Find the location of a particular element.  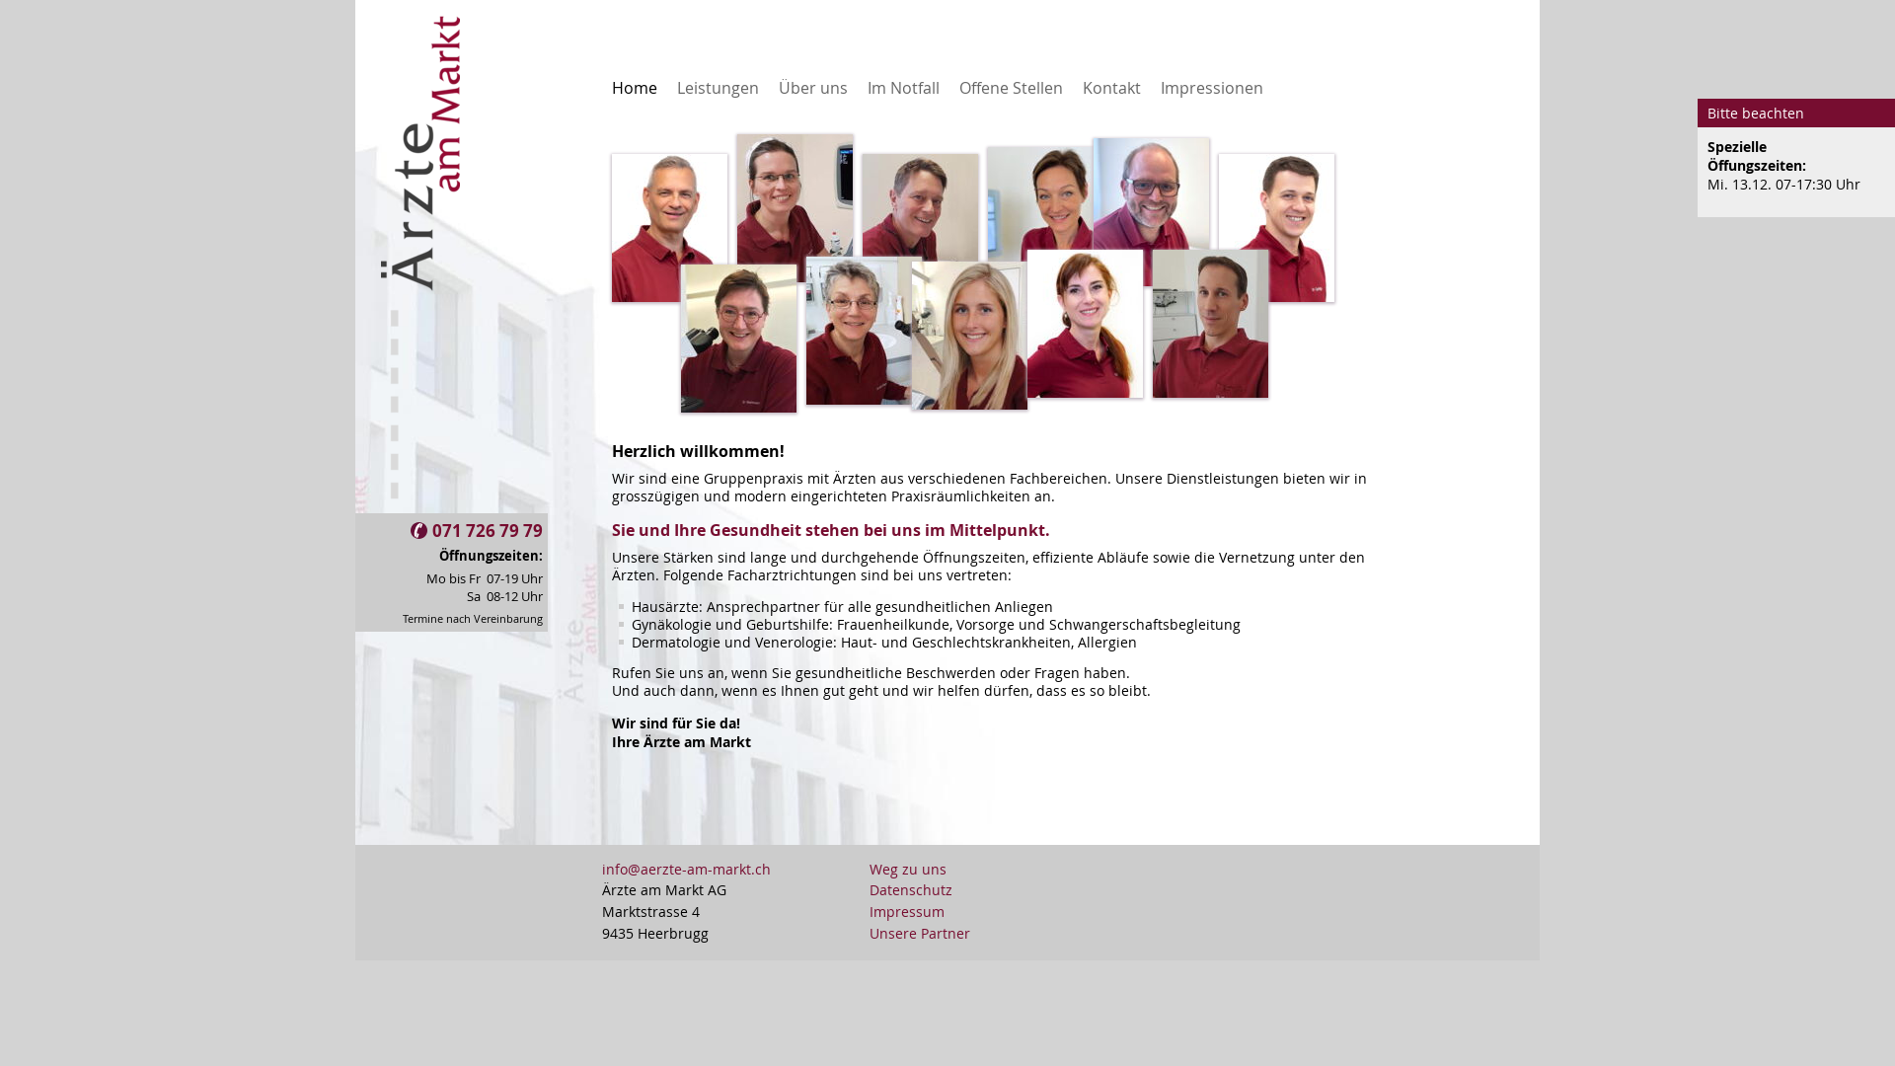

'Kontakt' is located at coordinates (1111, 86).